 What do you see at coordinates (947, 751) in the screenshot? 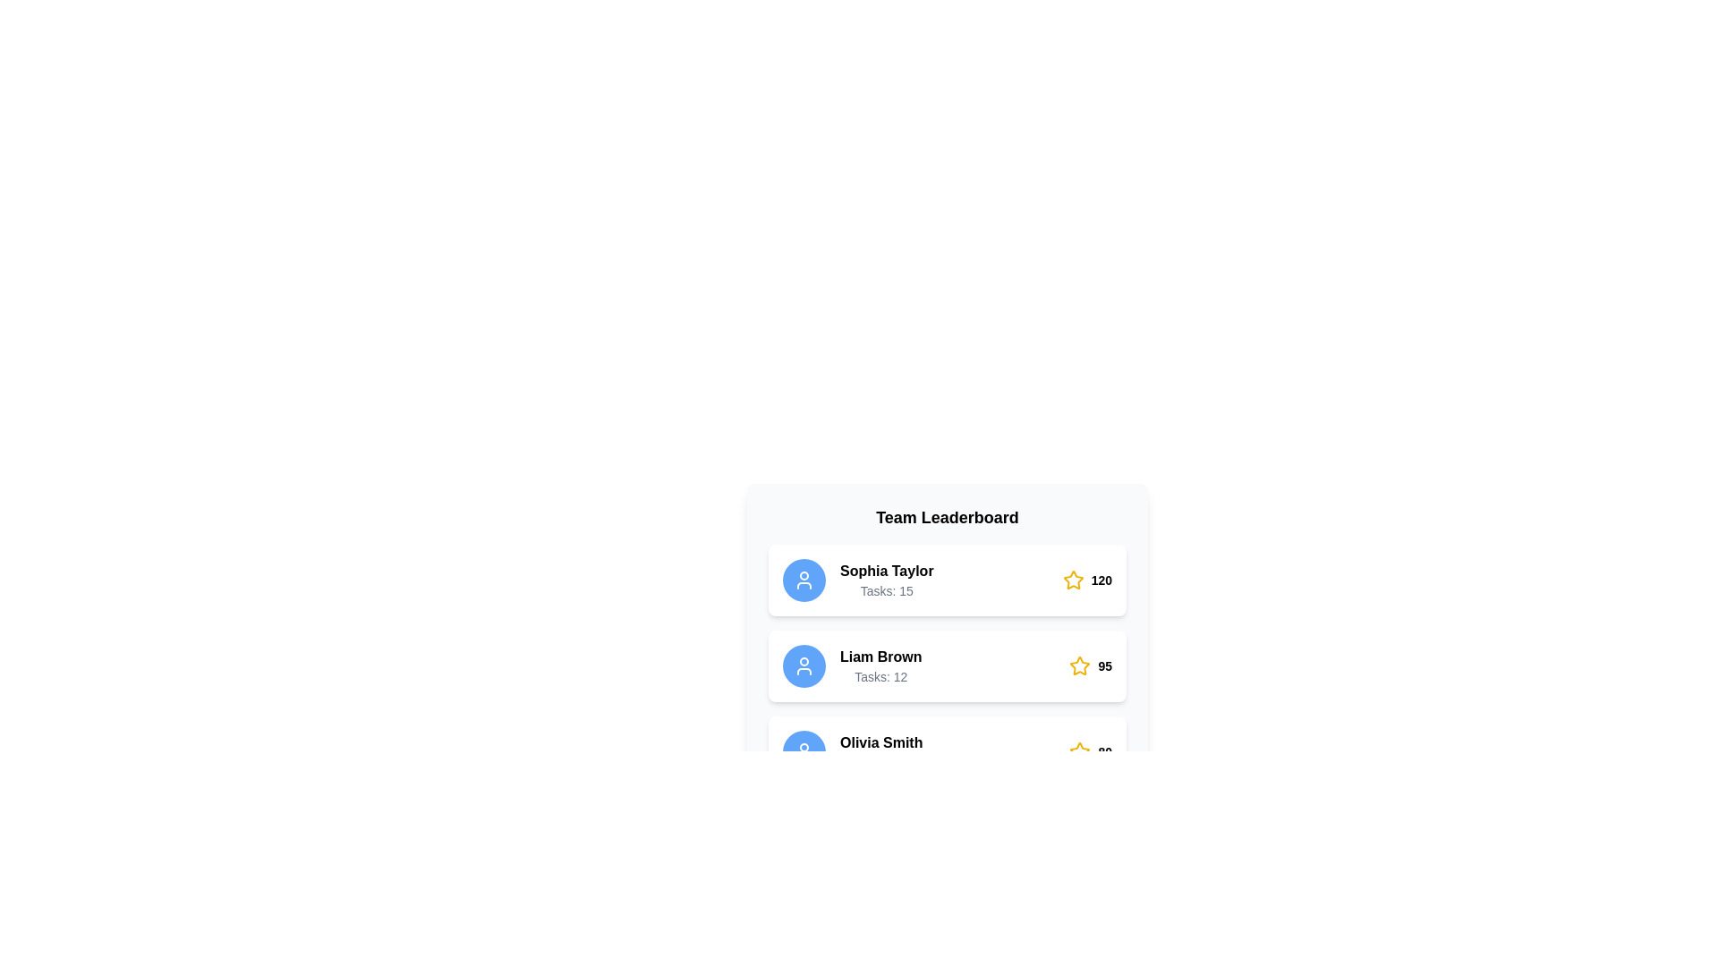
I see `the third Card item` at bounding box center [947, 751].